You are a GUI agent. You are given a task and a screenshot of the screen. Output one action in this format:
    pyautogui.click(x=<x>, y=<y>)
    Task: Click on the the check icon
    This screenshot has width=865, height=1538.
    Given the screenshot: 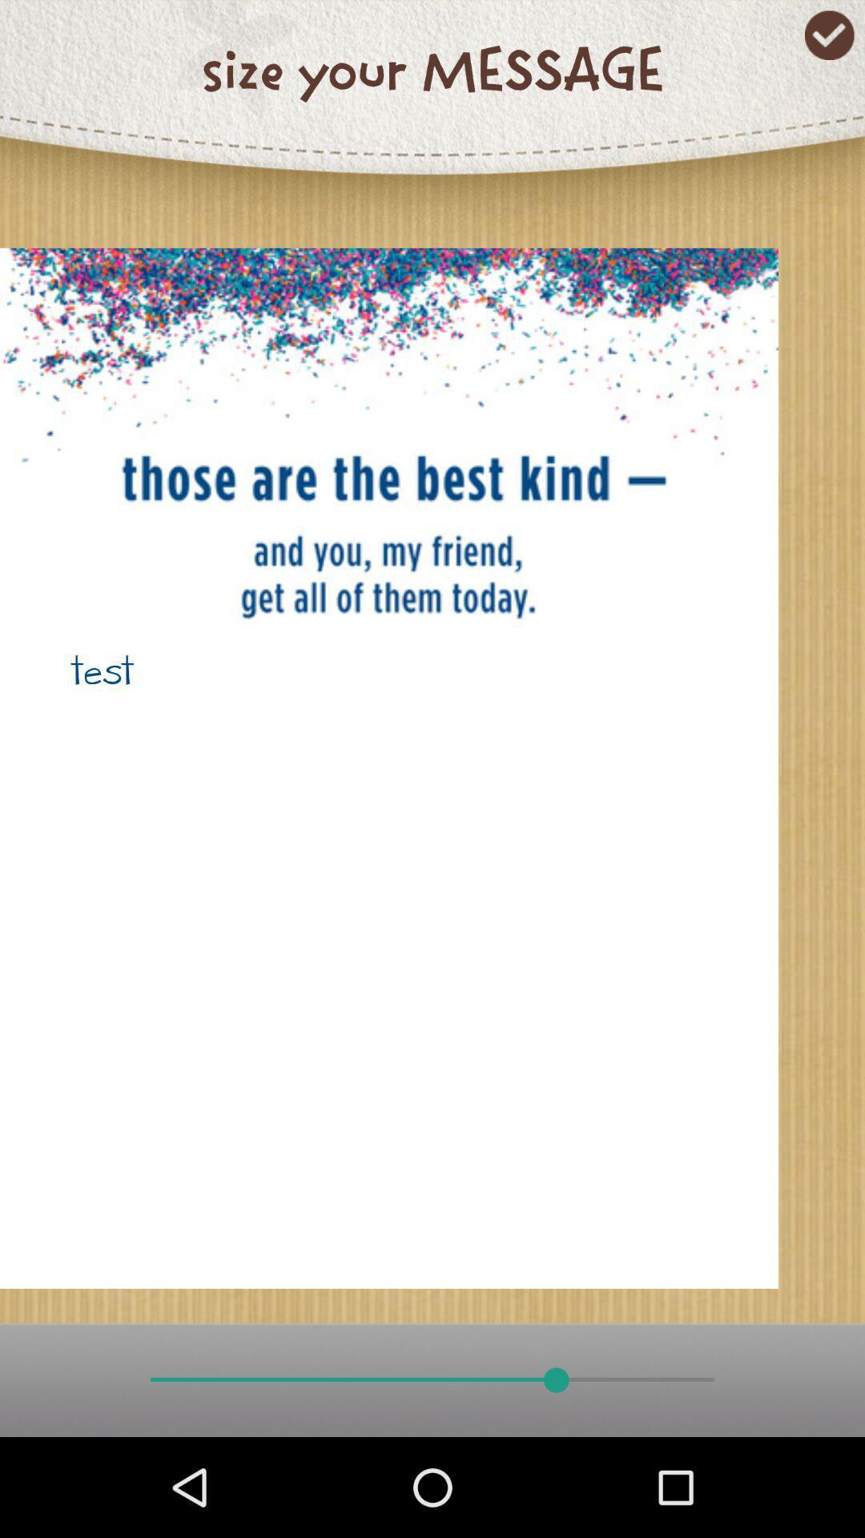 What is the action you would take?
    pyautogui.click(x=829, y=35)
    